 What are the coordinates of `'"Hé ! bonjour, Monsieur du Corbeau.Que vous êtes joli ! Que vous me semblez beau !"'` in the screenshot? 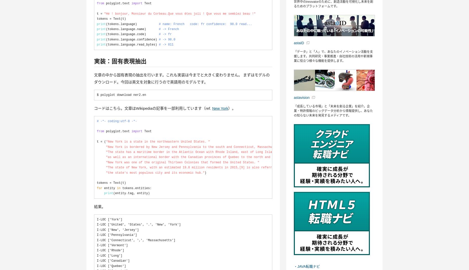 It's located at (103, 13).